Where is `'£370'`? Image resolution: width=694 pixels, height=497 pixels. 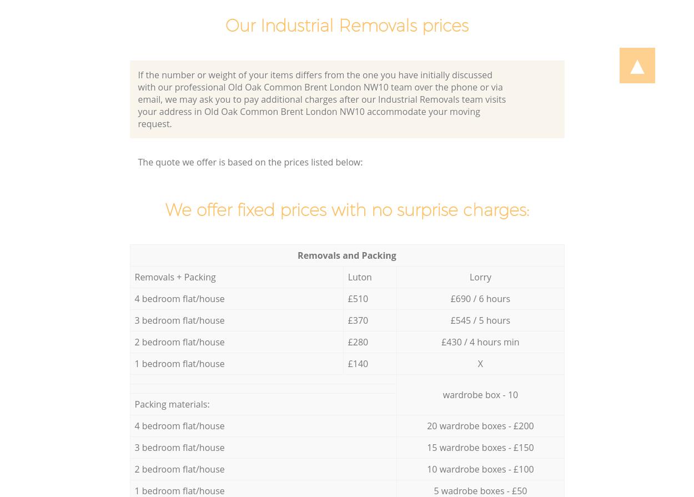 '£370' is located at coordinates (358, 320).